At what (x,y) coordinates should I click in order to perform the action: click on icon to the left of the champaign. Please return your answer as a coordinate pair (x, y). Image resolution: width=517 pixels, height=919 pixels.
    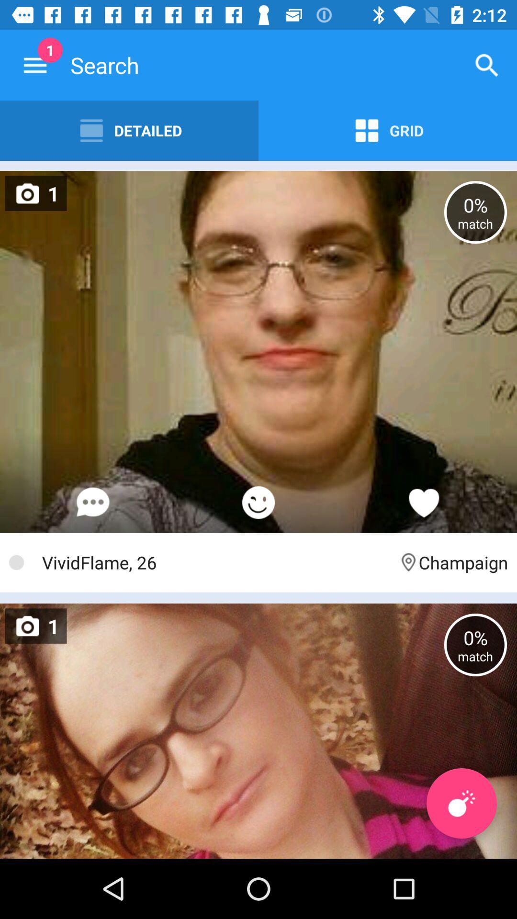
    Looking at the image, I should click on (215, 562).